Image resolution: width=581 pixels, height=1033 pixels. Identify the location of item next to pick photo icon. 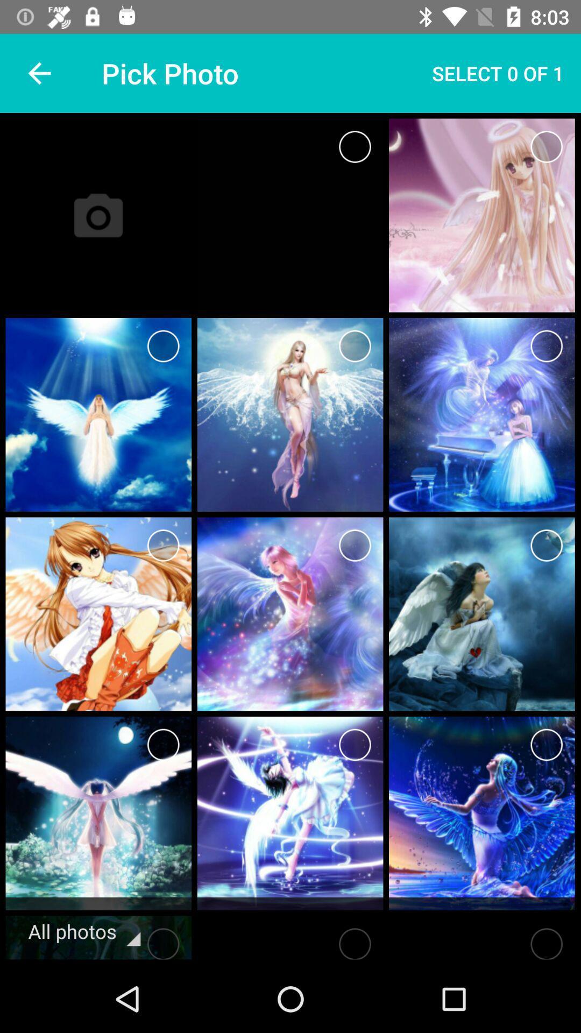
(39, 73).